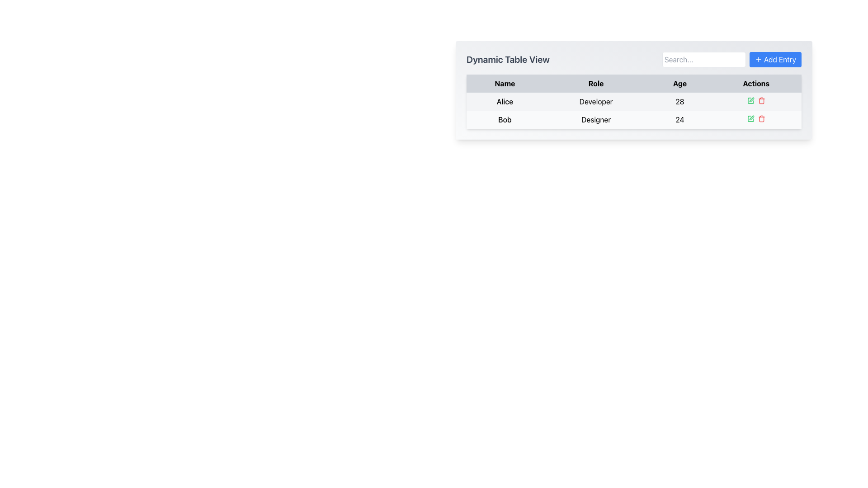 The width and height of the screenshot is (868, 488). Describe the element at coordinates (596, 84) in the screenshot. I see `the header label 'Role' in the table` at that location.